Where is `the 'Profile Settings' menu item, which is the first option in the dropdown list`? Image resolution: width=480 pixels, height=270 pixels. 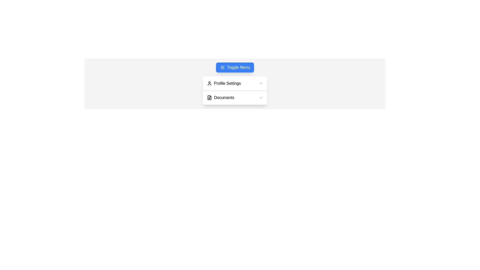 the 'Profile Settings' menu item, which is the first option in the dropdown list is located at coordinates (235, 83).